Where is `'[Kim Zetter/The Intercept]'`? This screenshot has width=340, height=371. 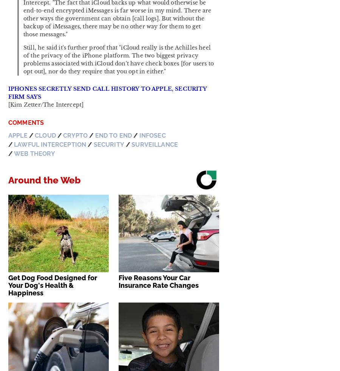
'[Kim Zetter/The Intercept]' is located at coordinates (46, 104).